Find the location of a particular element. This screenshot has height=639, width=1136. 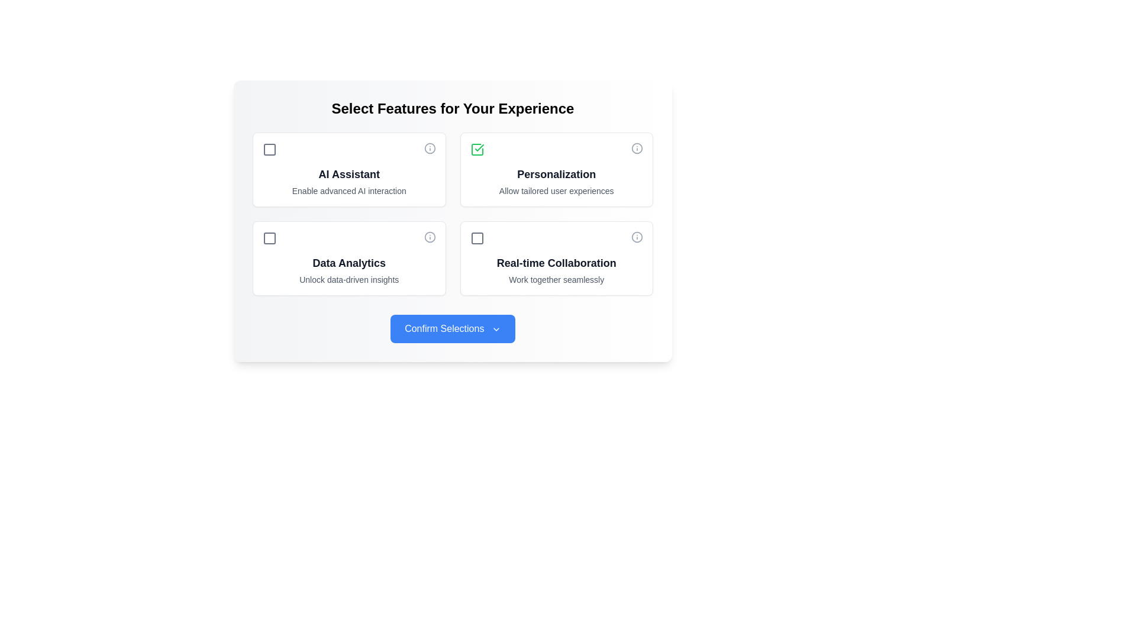

the Informational Icon, which is an outlined circular shape with a central dot, located to the right of the 'Personalization' label is located at coordinates (636, 147).